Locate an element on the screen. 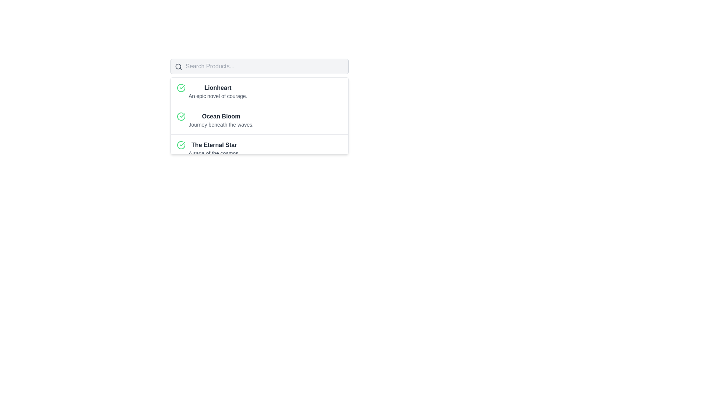 This screenshot has width=713, height=401. the Text Label that serves as the title of the first item in a vertical list, indicating the name of the novel is located at coordinates (217, 87).